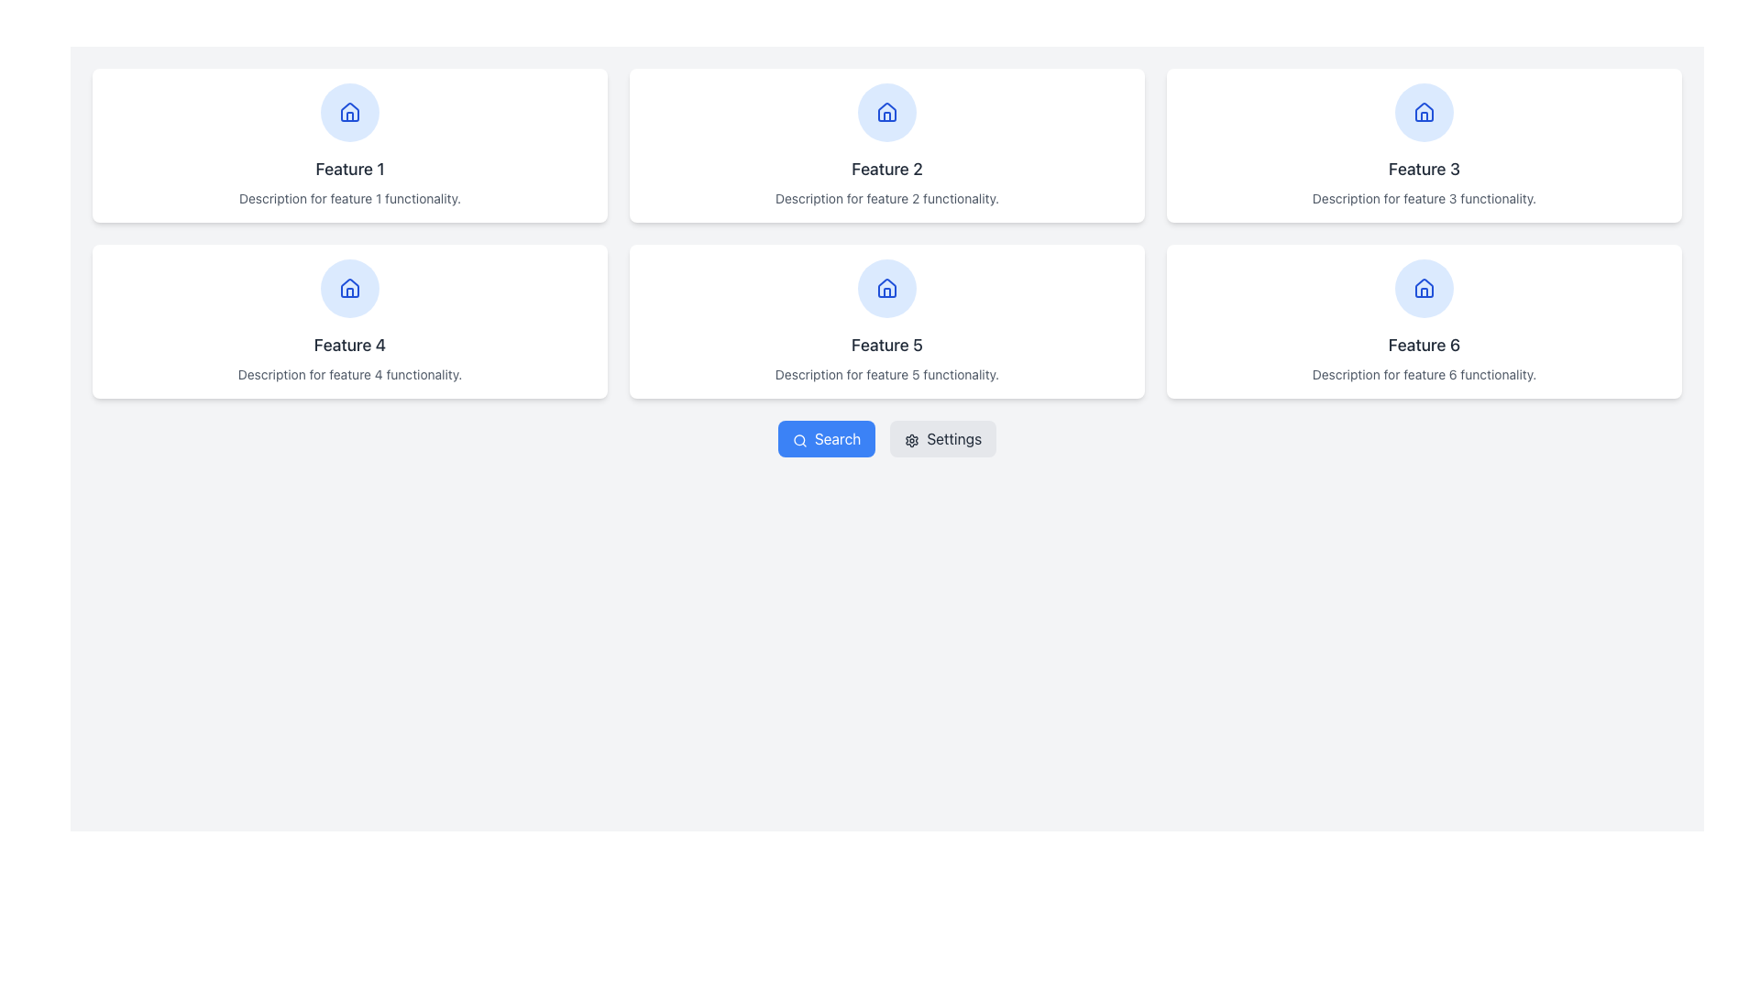 The height and width of the screenshot is (990, 1760). I want to click on the house icon located at the center of the bottom-right card labeled 'Feature 6', which is enclosed in a circular blue background, so click(1424, 289).